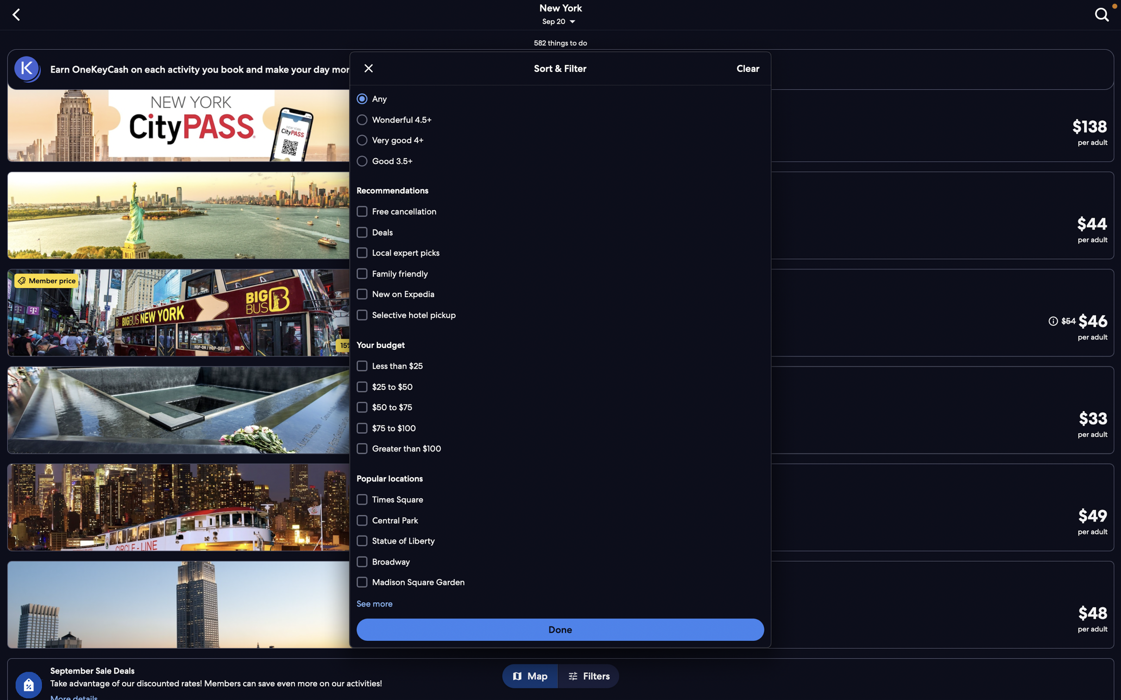 The image size is (1121, 700). Describe the element at coordinates (559, 140) in the screenshot. I see `Display only places with more than 4 stars rating` at that location.